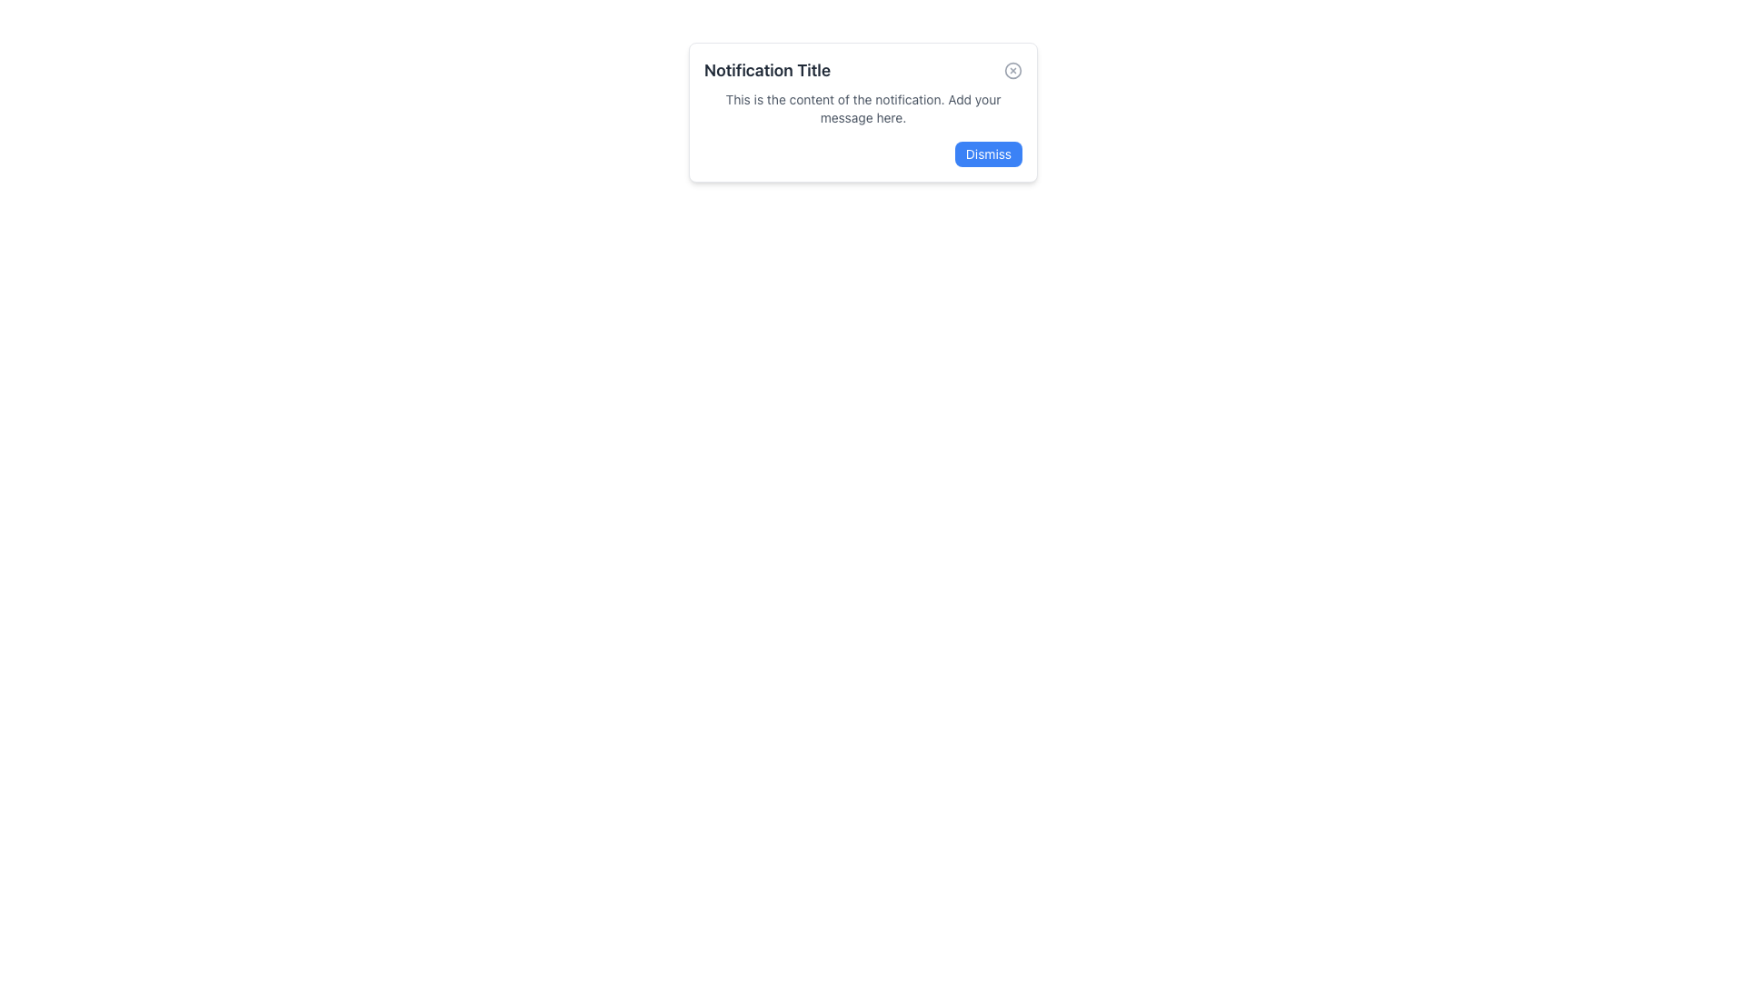  Describe the element at coordinates (767, 69) in the screenshot. I see `text label that displays 'Notification Title' styled in a larger, bold font at the top-left of the notification card` at that location.